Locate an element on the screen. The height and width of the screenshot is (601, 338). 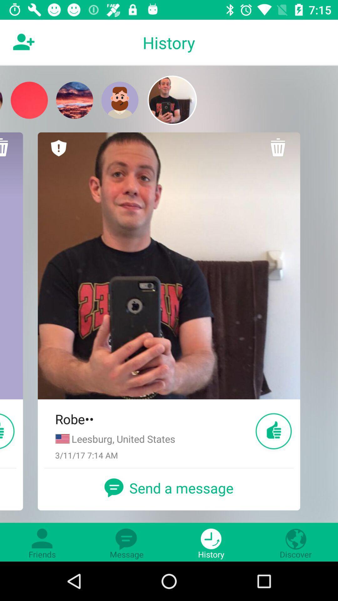
the delete icon is located at coordinates (279, 148).